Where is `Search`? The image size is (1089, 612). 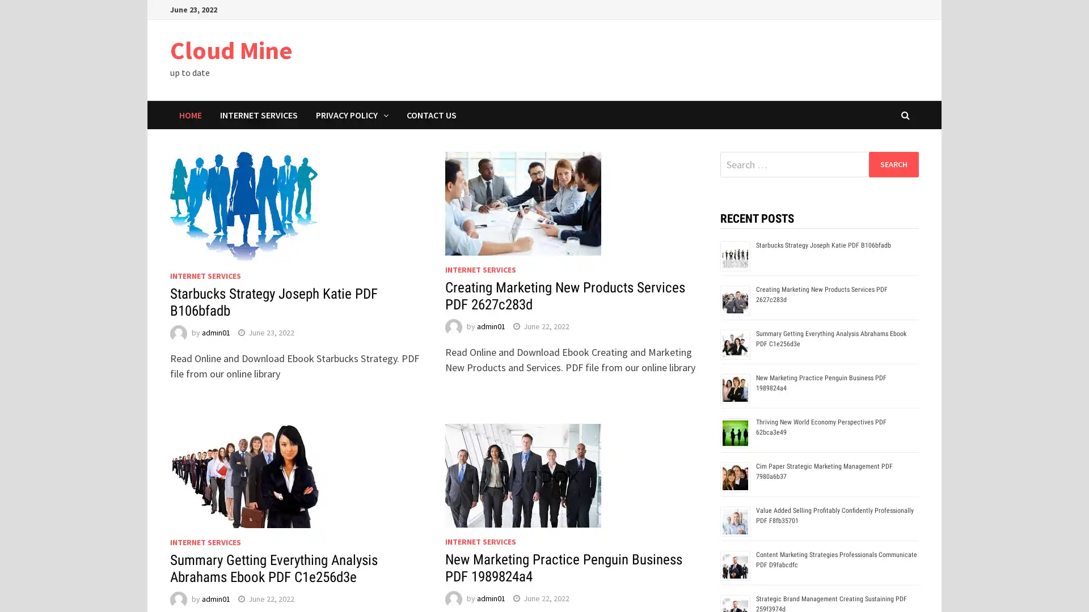
Search is located at coordinates (893, 164).